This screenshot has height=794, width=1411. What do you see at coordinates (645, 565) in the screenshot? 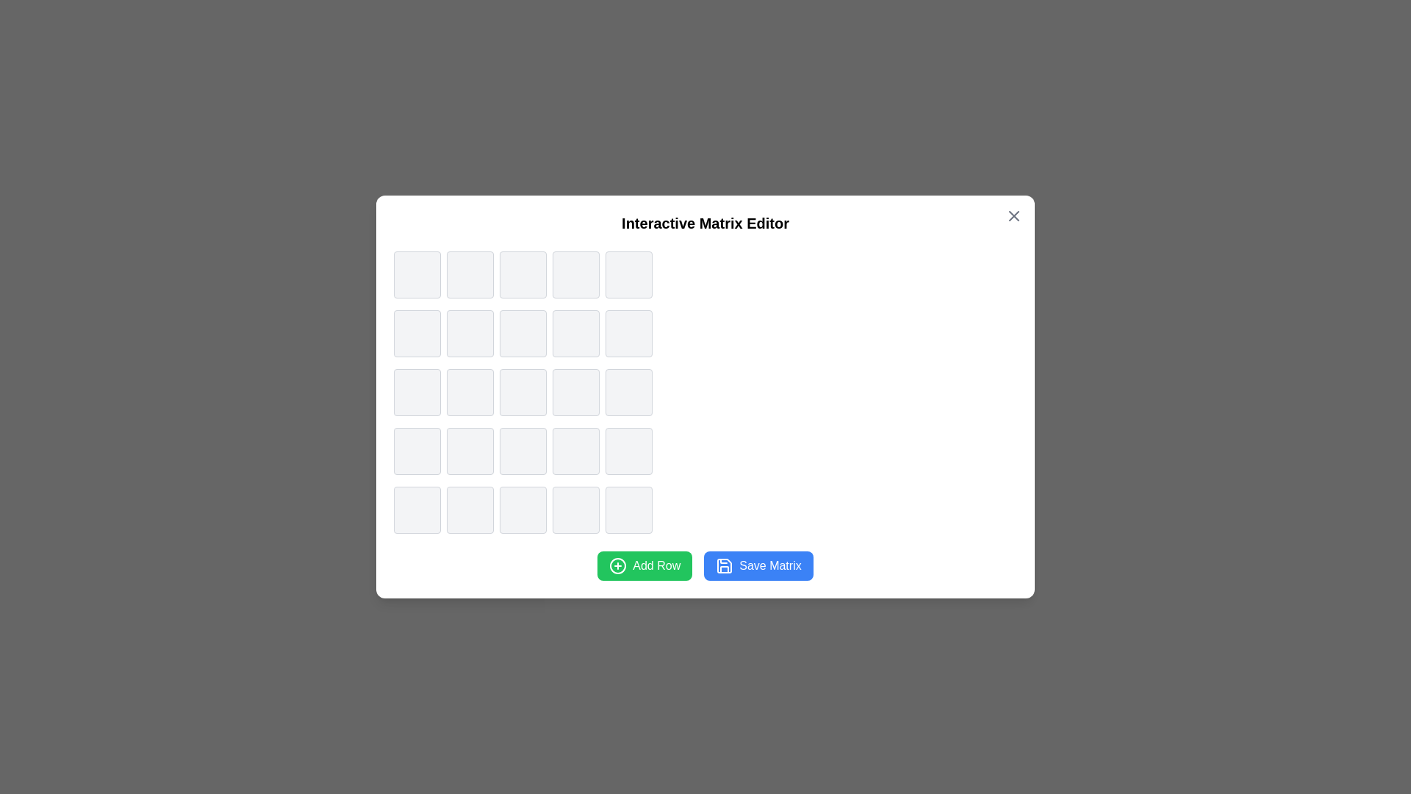
I see `the 'Add Row' button to add a new row to the matrix` at bounding box center [645, 565].